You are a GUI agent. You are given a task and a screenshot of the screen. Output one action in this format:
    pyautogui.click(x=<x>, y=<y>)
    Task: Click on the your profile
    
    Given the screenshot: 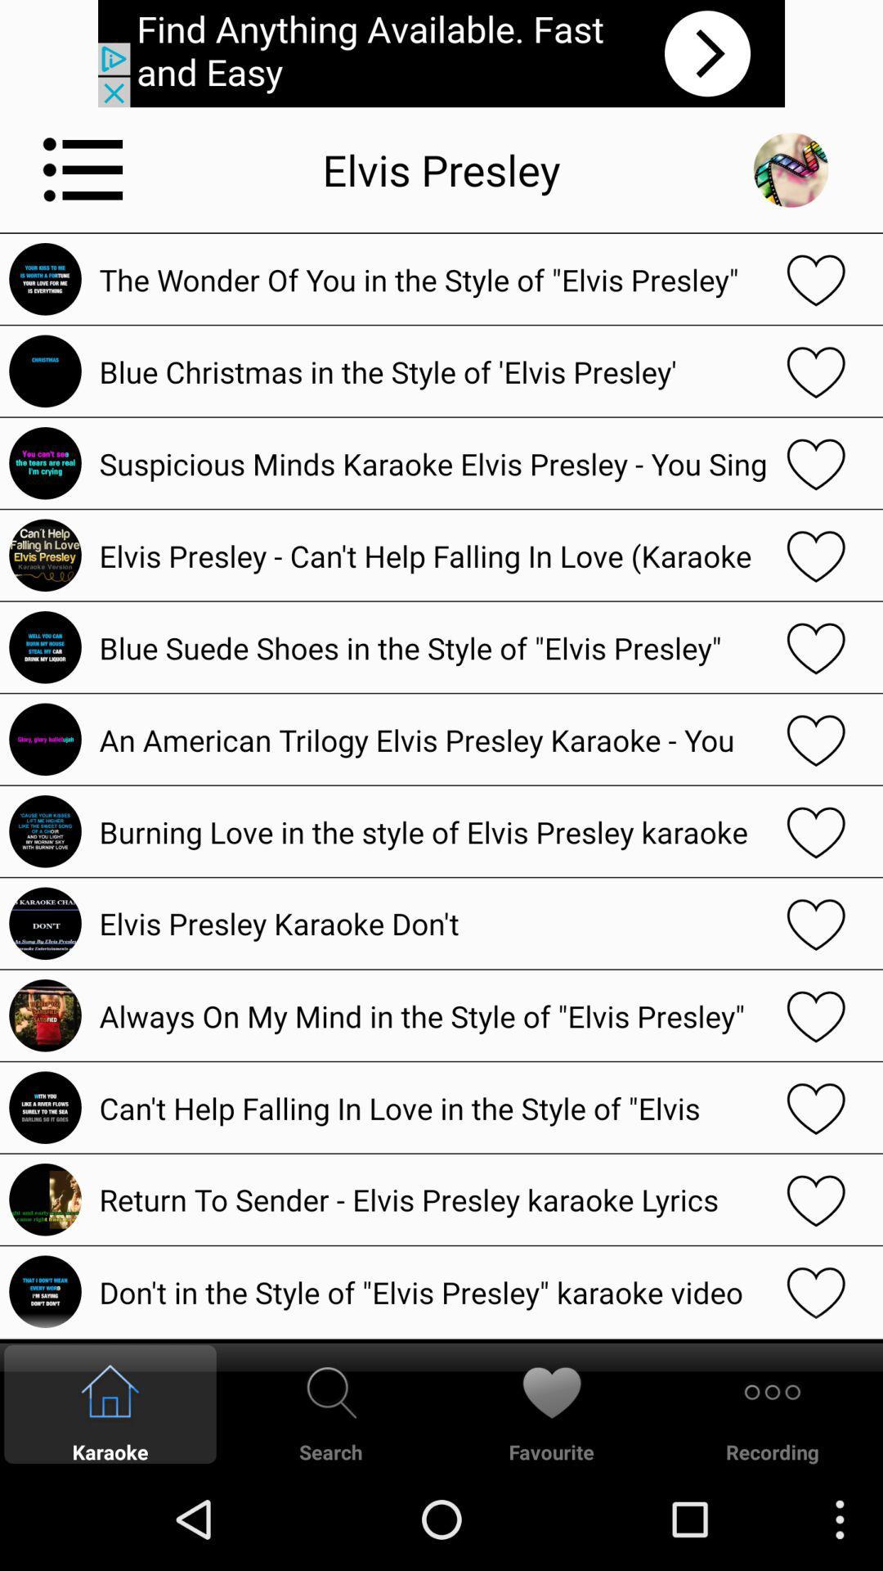 What is the action you would take?
    pyautogui.click(x=790, y=169)
    